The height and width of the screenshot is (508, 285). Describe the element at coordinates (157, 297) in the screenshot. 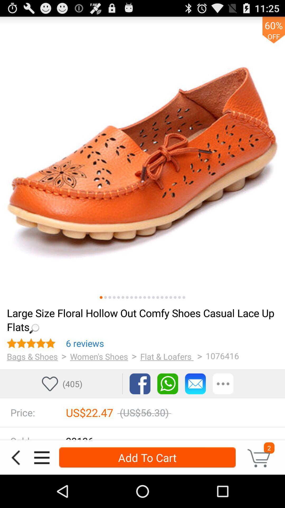

I see `more pictures` at that location.